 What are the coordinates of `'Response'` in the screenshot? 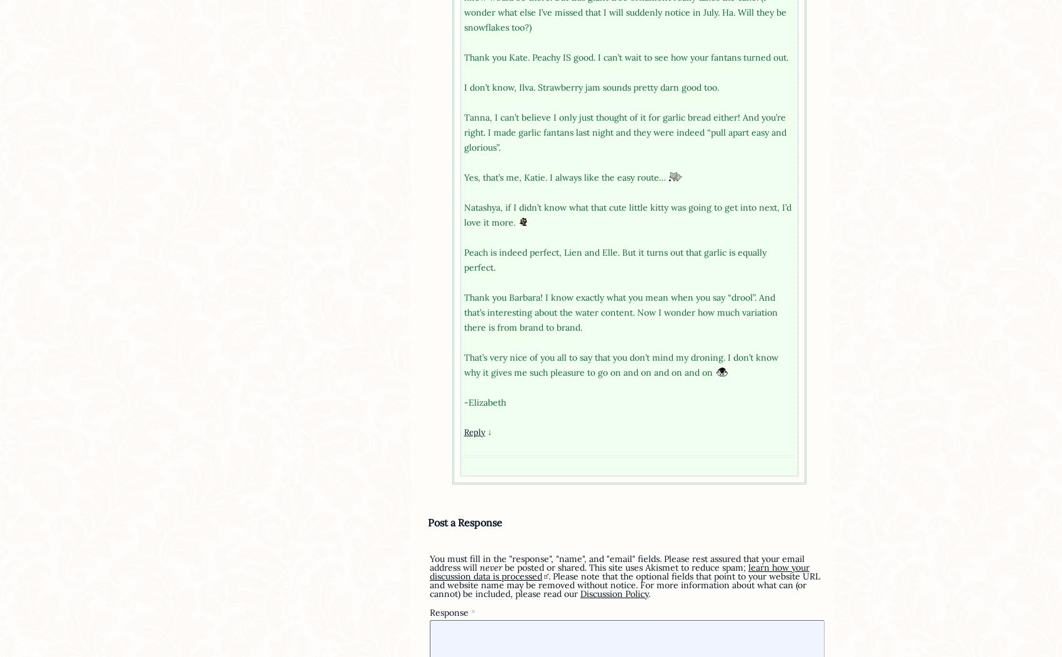 It's located at (429, 612).